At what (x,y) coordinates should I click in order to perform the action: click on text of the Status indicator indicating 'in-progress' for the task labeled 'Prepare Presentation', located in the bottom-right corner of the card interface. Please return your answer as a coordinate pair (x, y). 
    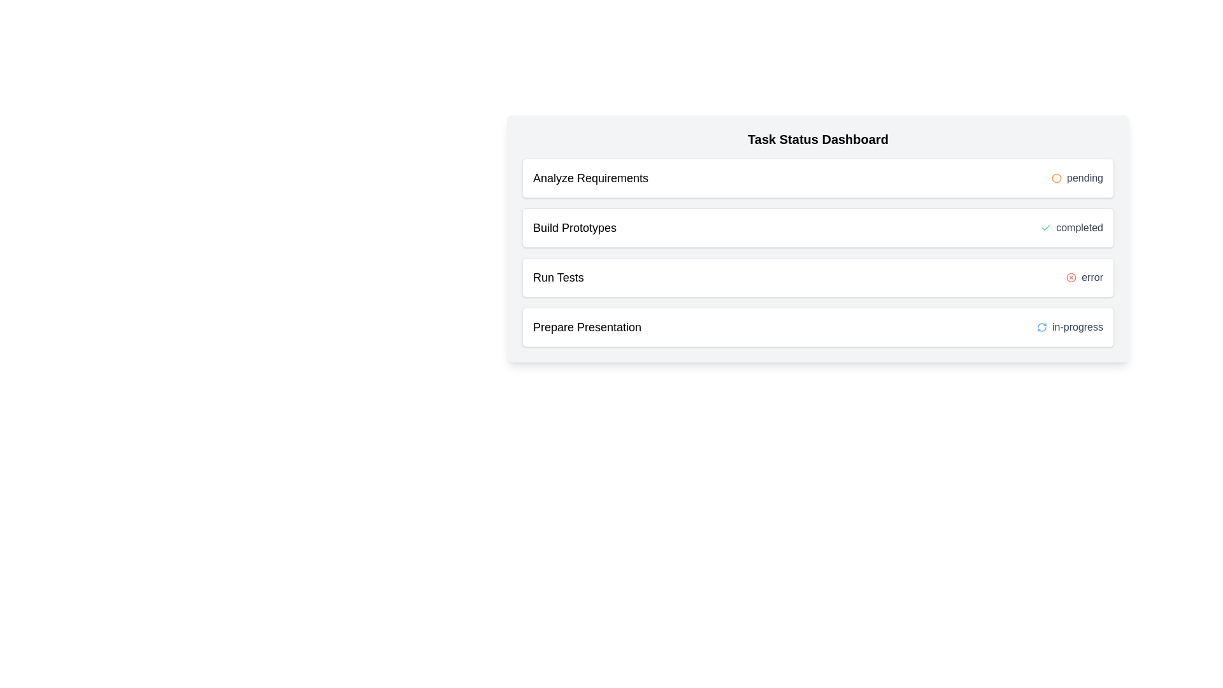
    Looking at the image, I should click on (1070, 326).